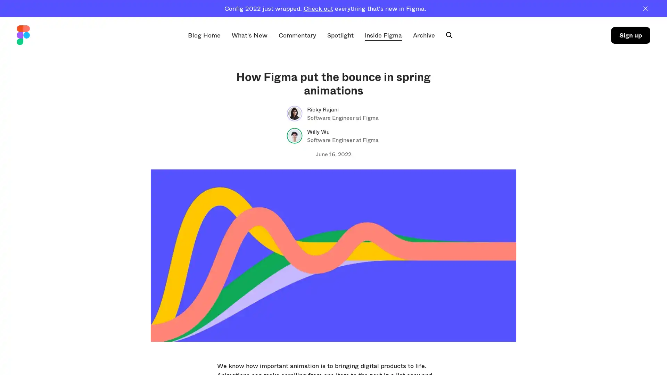 This screenshot has width=667, height=375. I want to click on Sign up, so click(631, 35).